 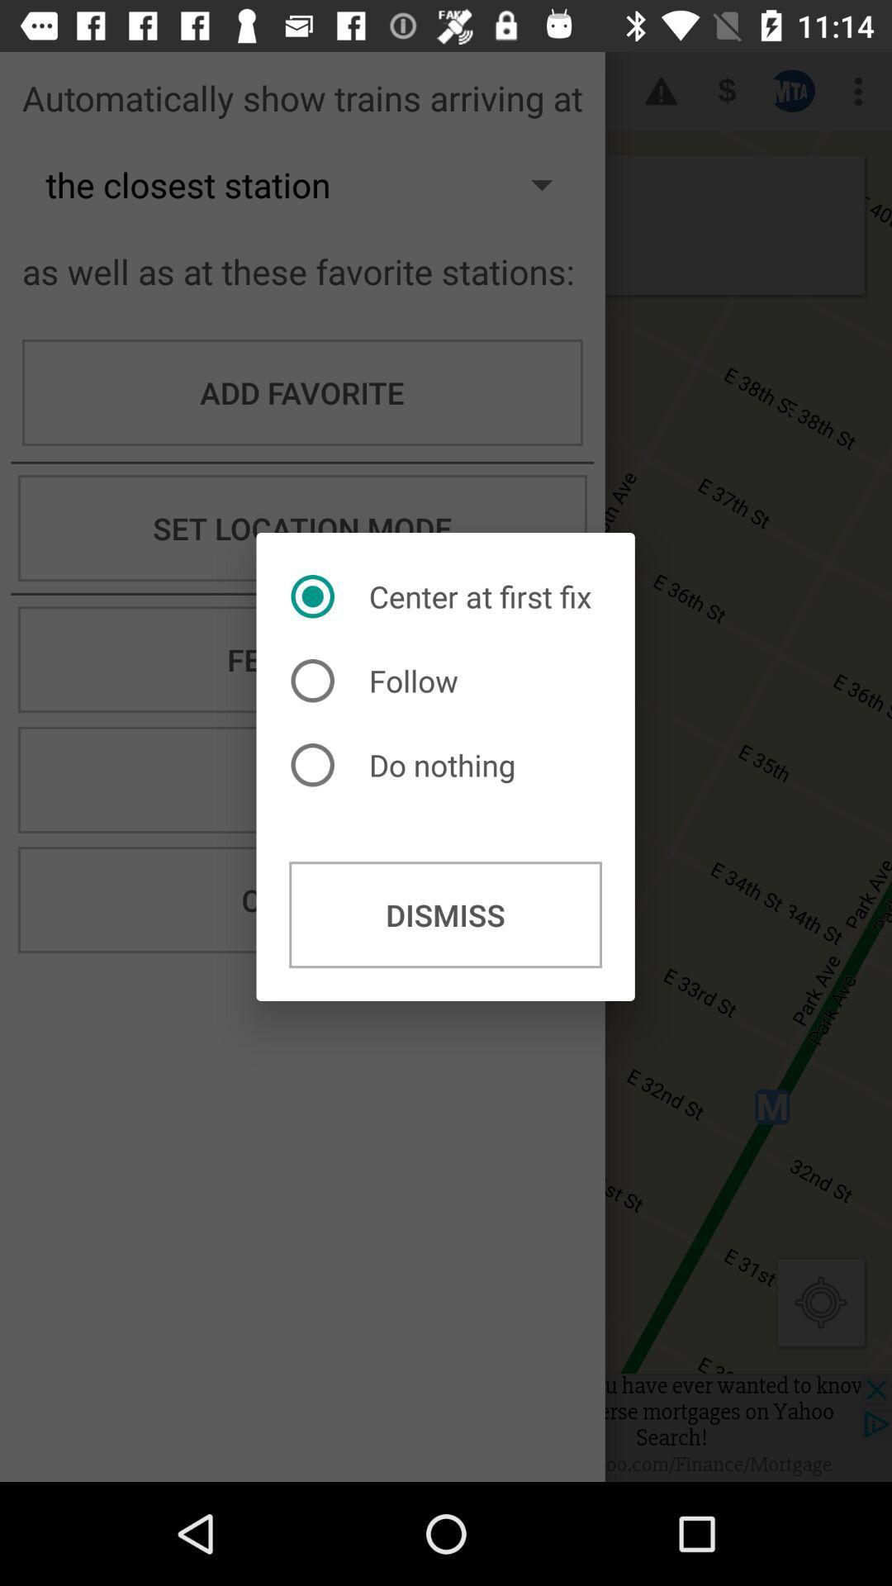 What do you see at coordinates (444, 914) in the screenshot?
I see `the dismiss` at bounding box center [444, 914].